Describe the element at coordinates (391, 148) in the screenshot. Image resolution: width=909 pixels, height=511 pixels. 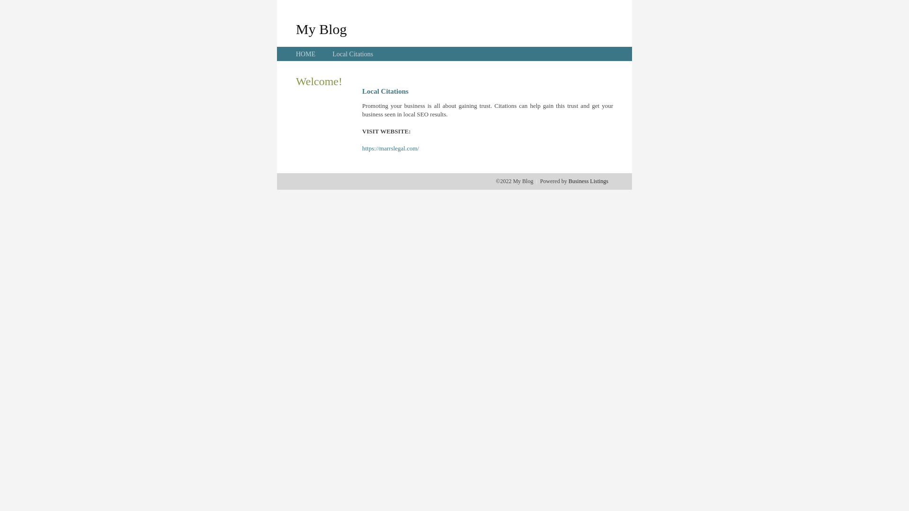
I see `'https://marrslegal.com/'` at that location.